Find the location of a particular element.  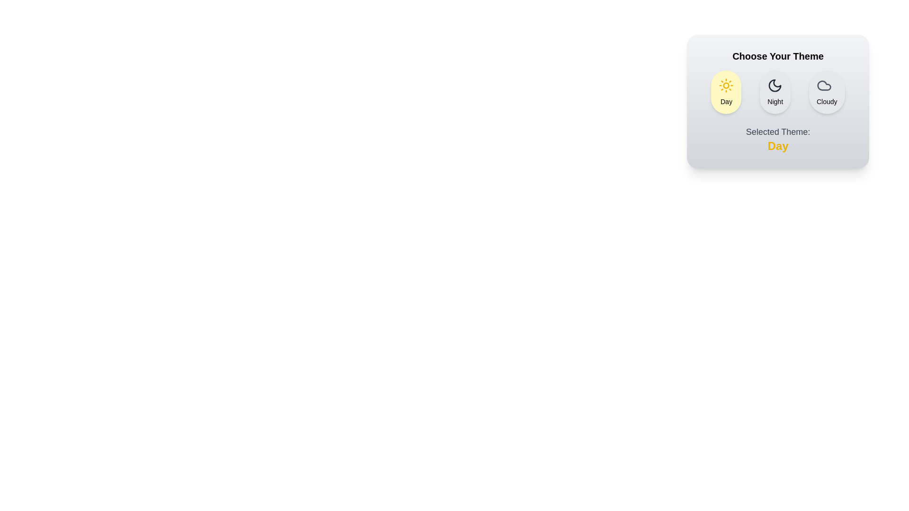

the theme Cloudy by clicking its corresponding button is located at coordinates (826, 92).